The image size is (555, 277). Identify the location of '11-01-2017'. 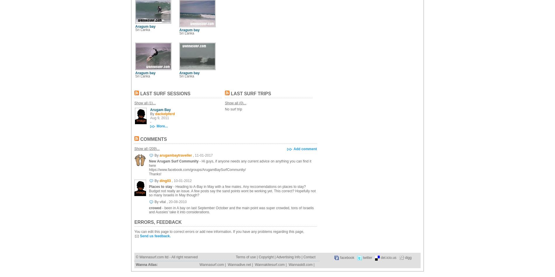
(204, 155).